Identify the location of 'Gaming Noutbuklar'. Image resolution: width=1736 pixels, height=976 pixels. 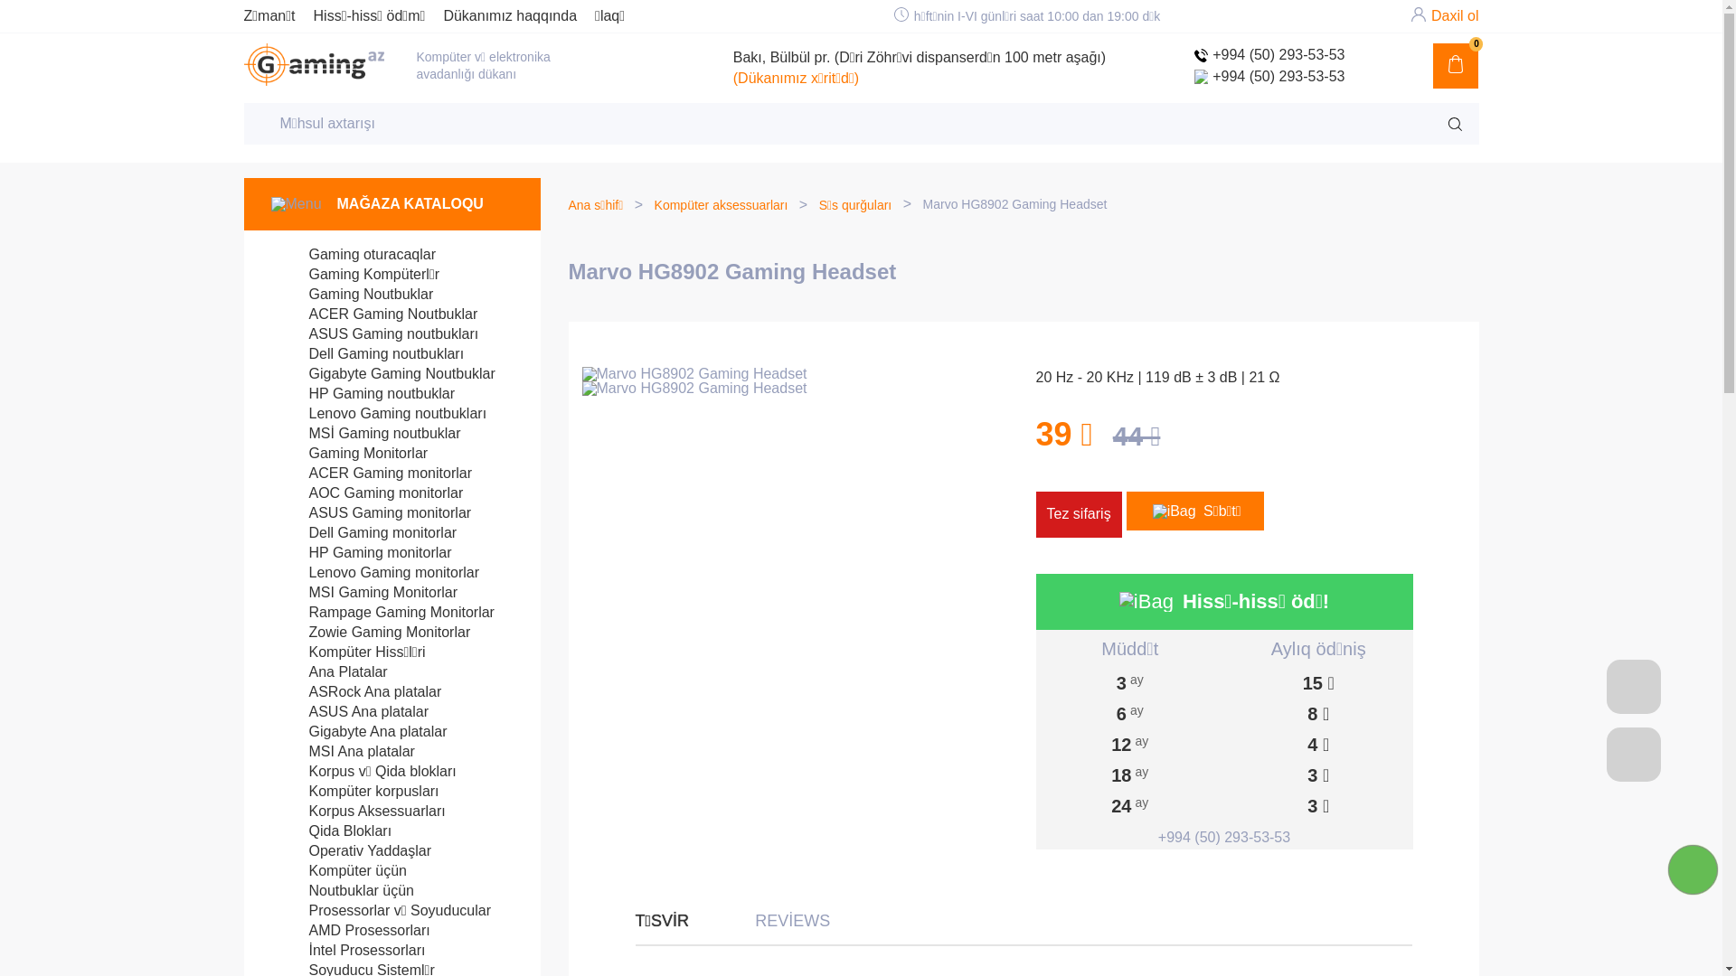
(352, 293).